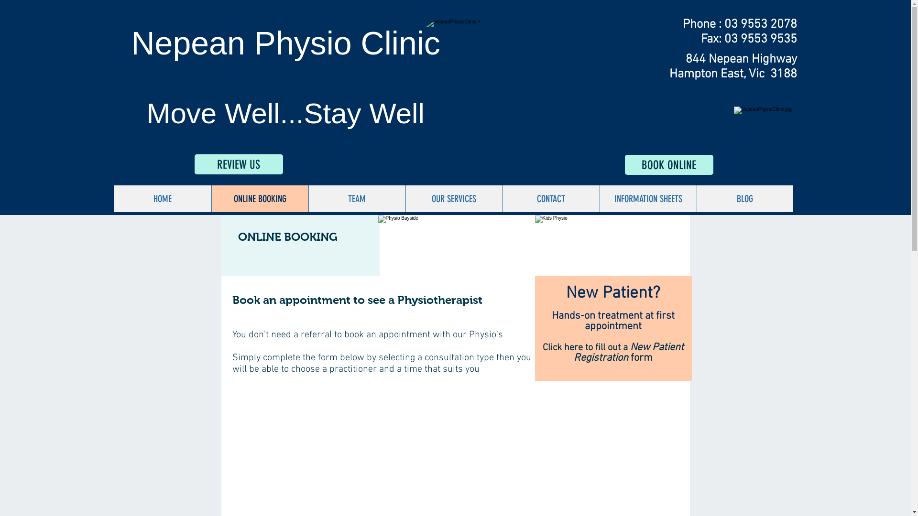 The height and width of the screenshot is (516, 918). I want to click on 'ONLINE BOOKING', so click(260, 198).